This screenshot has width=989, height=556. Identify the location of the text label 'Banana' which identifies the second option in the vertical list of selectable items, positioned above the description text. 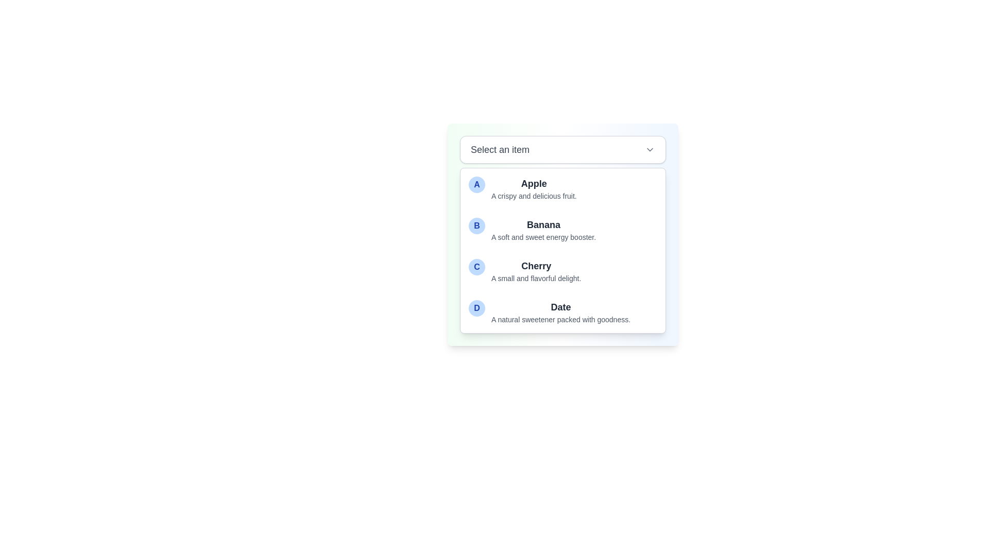
(543, 224).